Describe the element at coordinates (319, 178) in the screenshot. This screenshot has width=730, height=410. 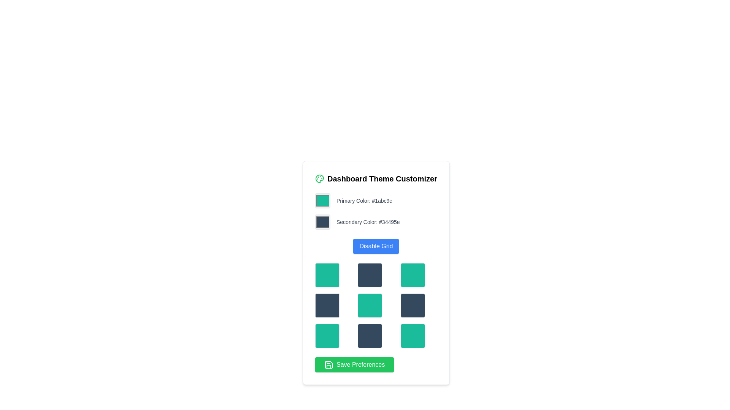
I see `the theme customization icon located to the left of the 'Dashboard Theme Customizer' text` at that location.